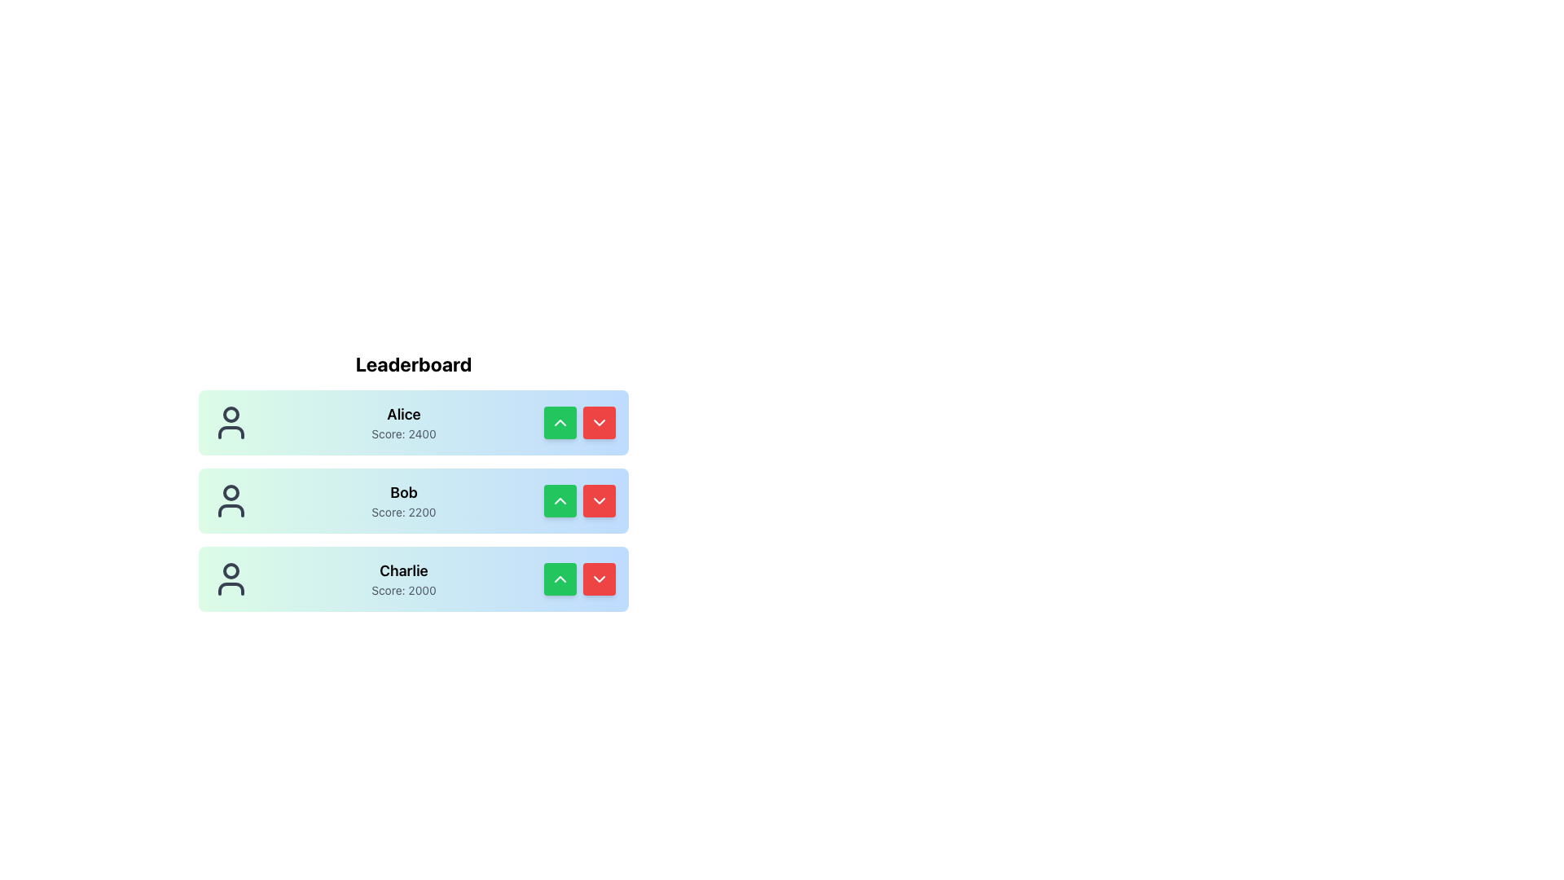 The width and height of the screenshot is (1564, 880). What do you see at coordinates (230, 578) in the screenshot?
I see `the SVG user silhouette icon, which is dark gray and positioned to the far left of the user 'Charlie' in the leaderboard, being the third icon in a vertical sequence` at bounding box center [230, 578].